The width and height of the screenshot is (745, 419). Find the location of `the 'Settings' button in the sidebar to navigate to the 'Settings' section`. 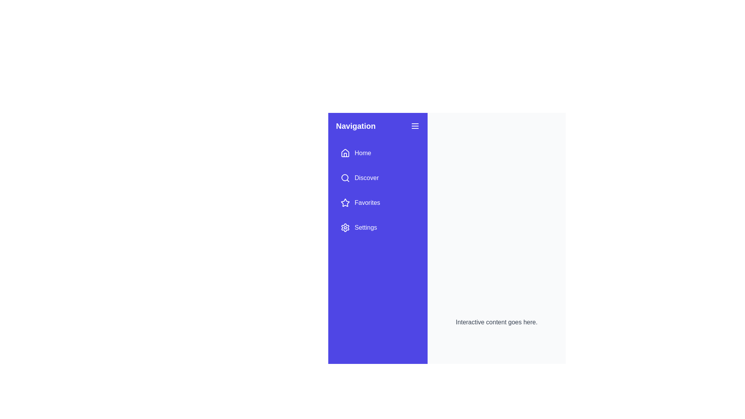

the 'Settings' button in the sidebar to navigate to the 'Settings' section is located at coordinates (358, 227).